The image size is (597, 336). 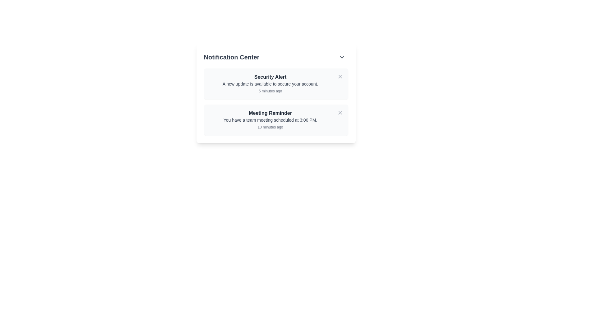 What do you see at coordinates (231, 57) in the screenshot?
I see `the text label that serves as a heading for the notifications section, located at the top left of its interface group` at bounding box center [231, 57].